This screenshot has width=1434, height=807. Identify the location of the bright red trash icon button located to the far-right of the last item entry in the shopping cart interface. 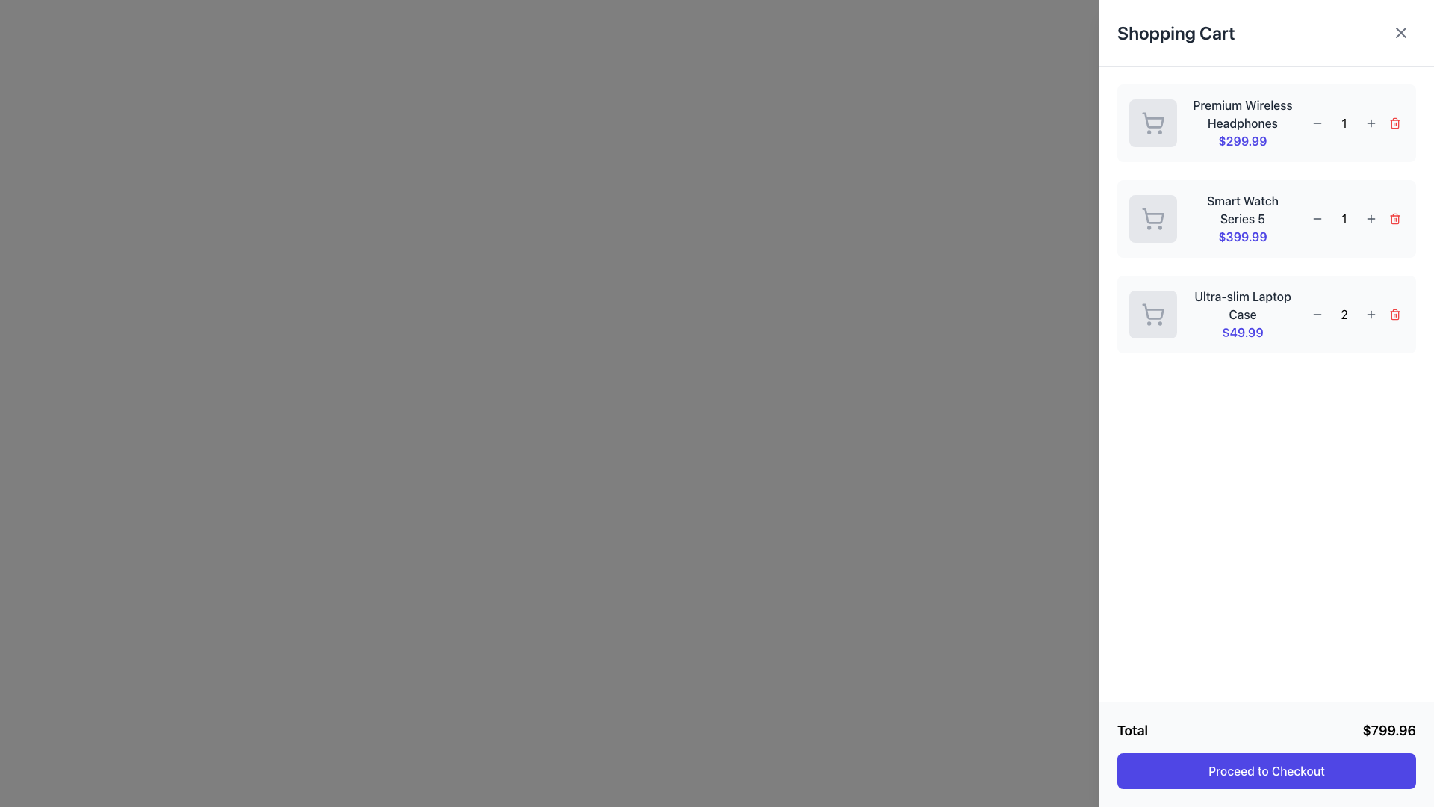
(1394, 313).